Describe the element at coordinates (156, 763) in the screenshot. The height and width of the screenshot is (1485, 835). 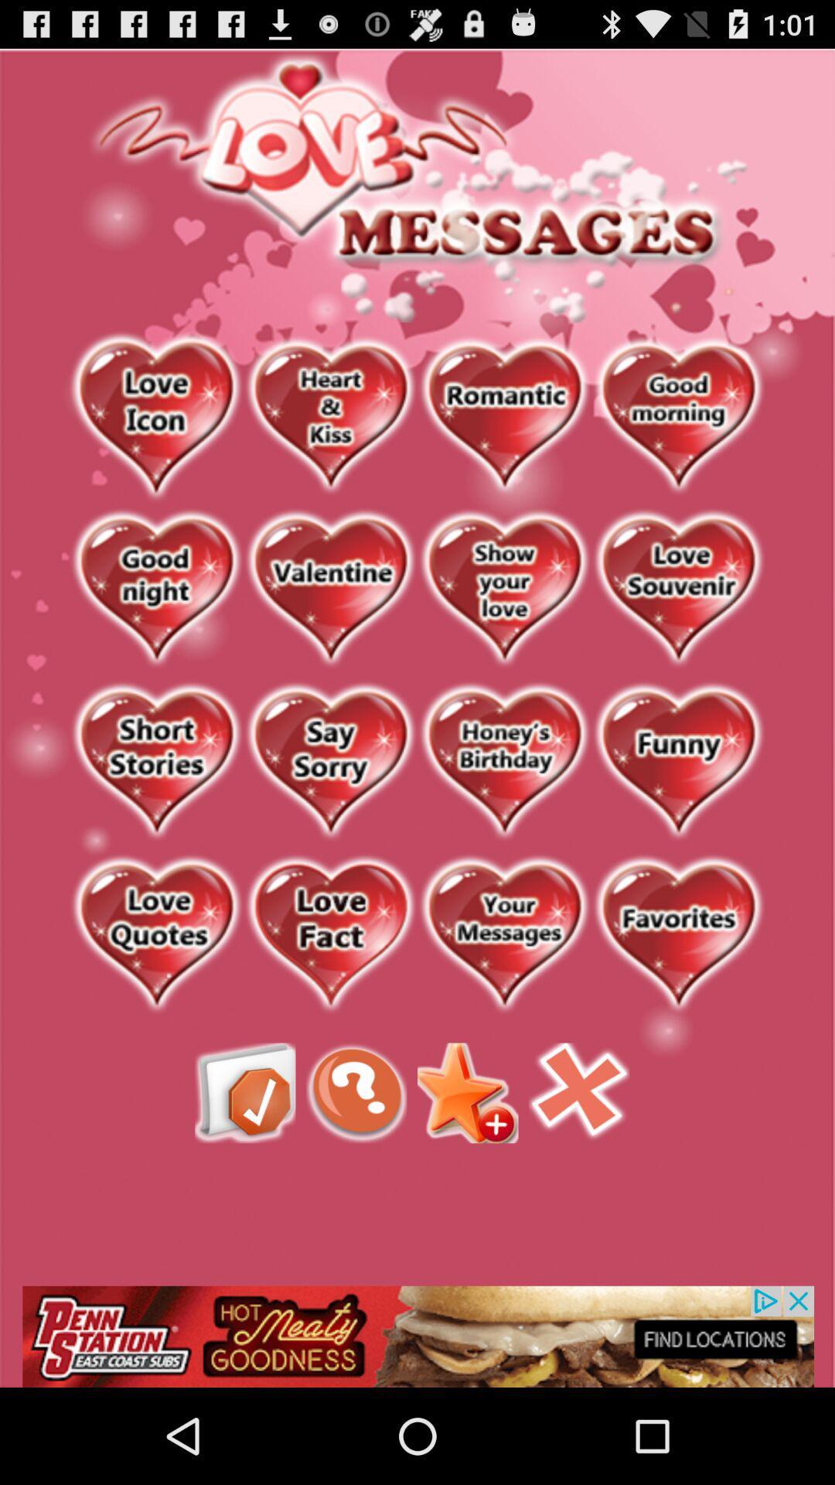
I see `link button for short stories` at that location.